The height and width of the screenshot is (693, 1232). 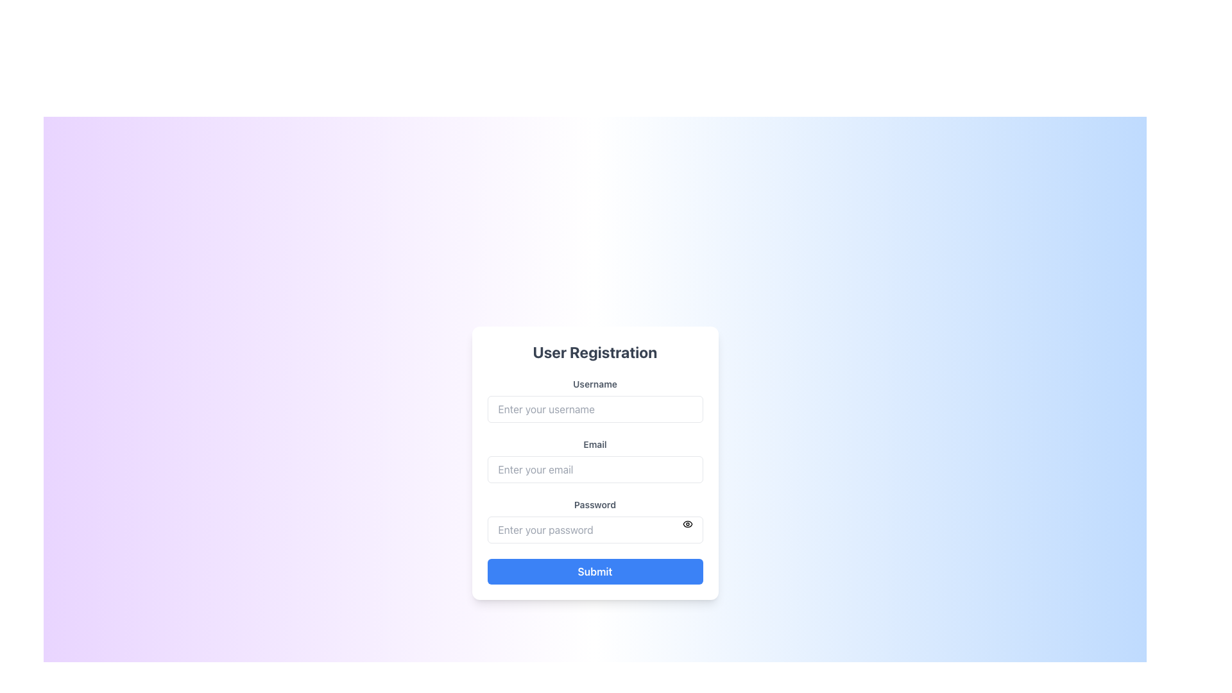 What do you see at coordinates (594, 521) in the screenshot?
I see `the Password input field in the User Registration modal to focus it` at bounding box center [594, 521].